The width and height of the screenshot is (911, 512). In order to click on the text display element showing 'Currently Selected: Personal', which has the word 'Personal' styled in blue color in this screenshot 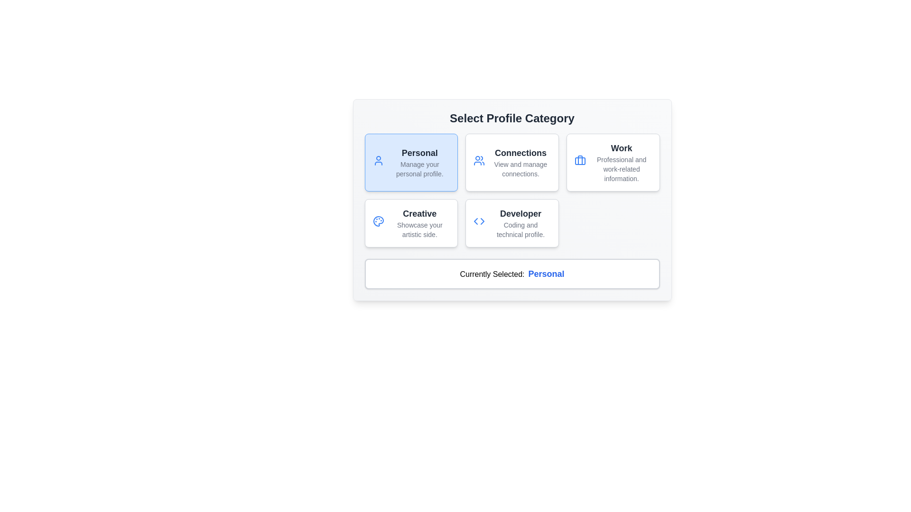, I will do `click(511, 274)`.